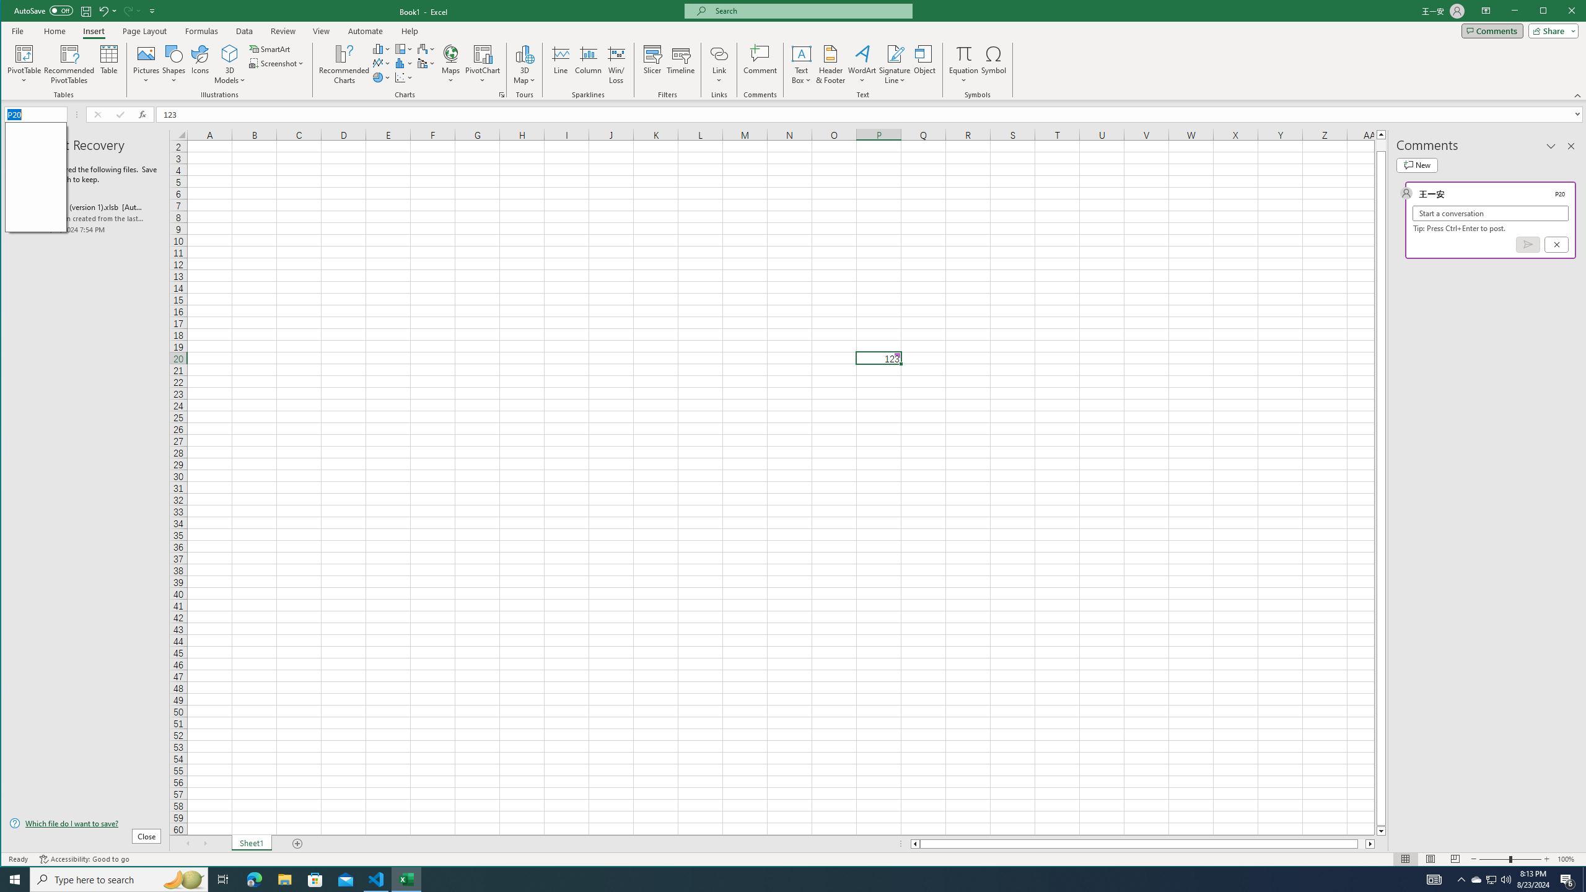 The width and height of the screenshot is (1586, 892). I want to click on 'Type here to search', so click(118, 878).